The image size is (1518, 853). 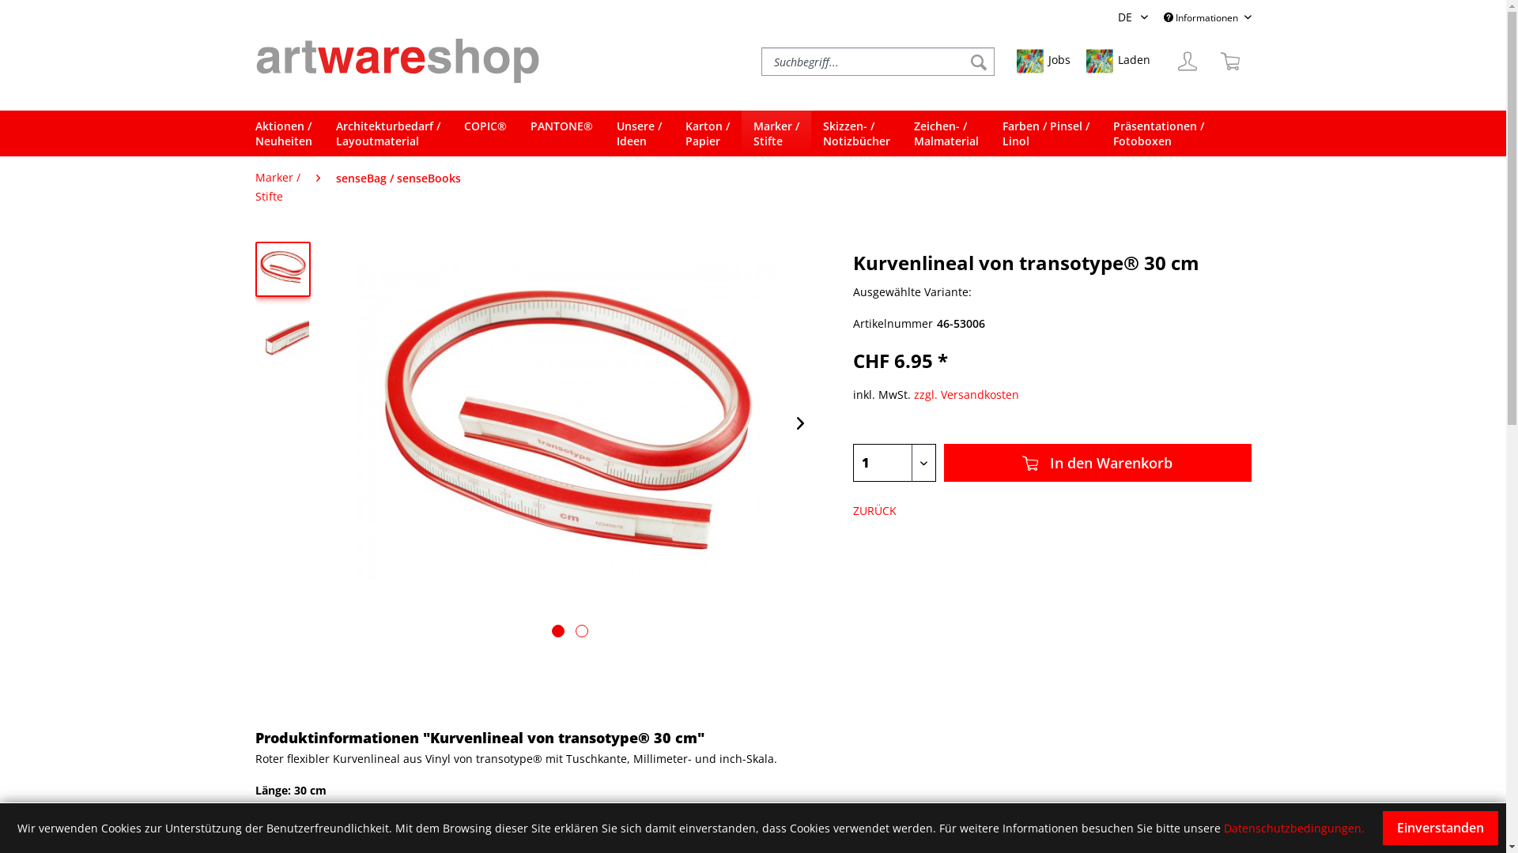 What do you see at coordinates (945, 133) in the screenshot?
I see `'Zeichen- /` at bounding box center [945, 133].